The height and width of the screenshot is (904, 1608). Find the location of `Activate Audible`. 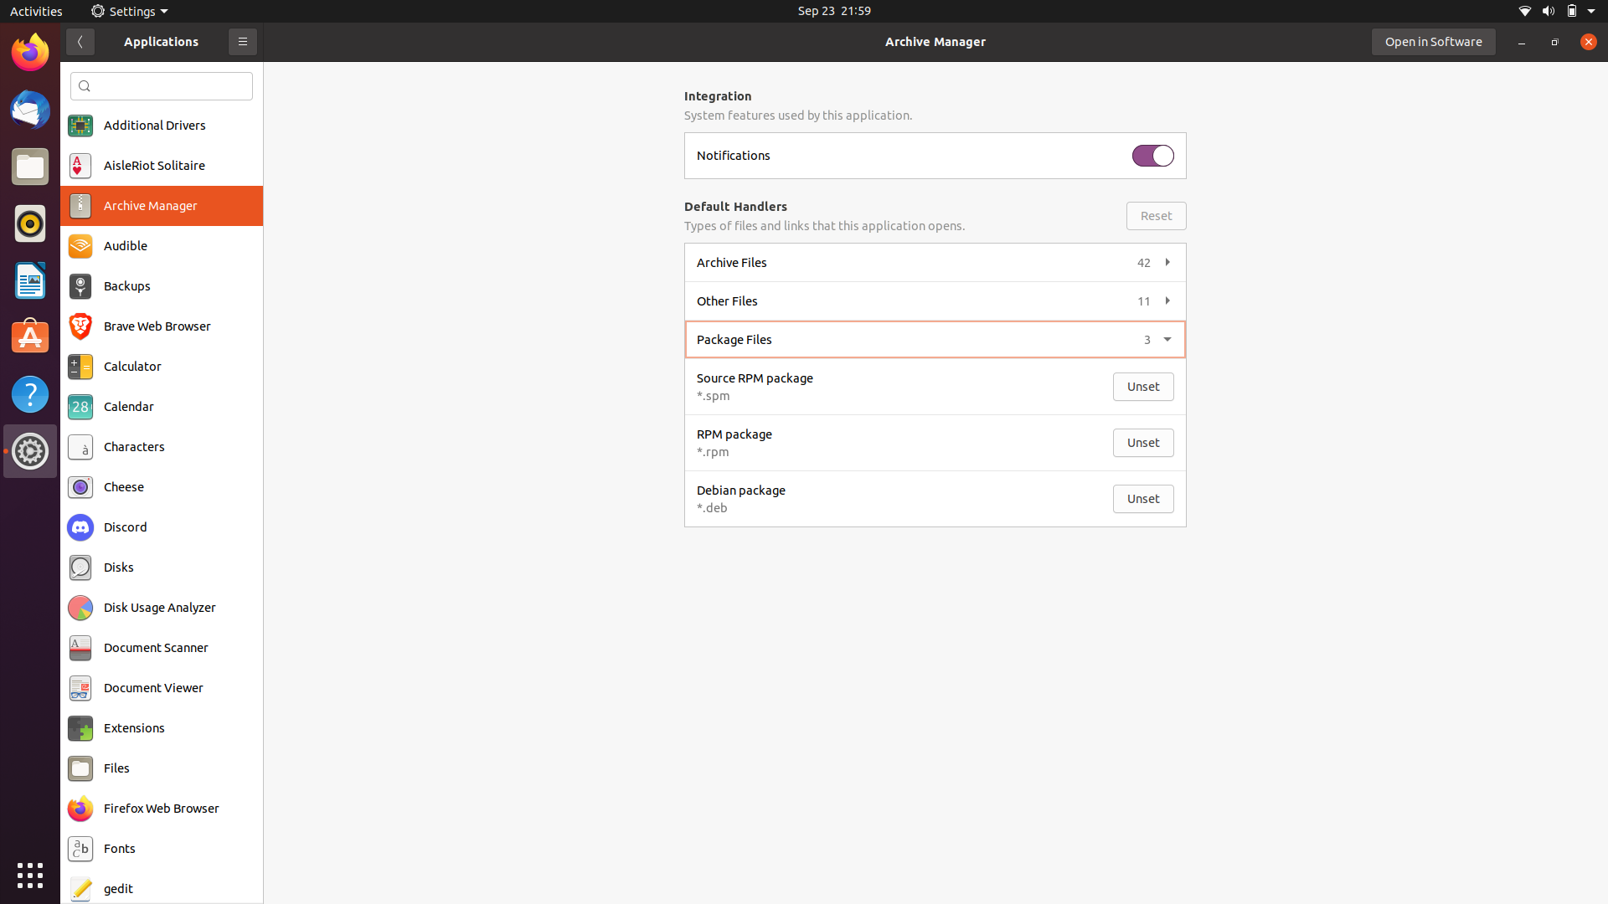

Activate Audible is located at coordinates (161, 246).